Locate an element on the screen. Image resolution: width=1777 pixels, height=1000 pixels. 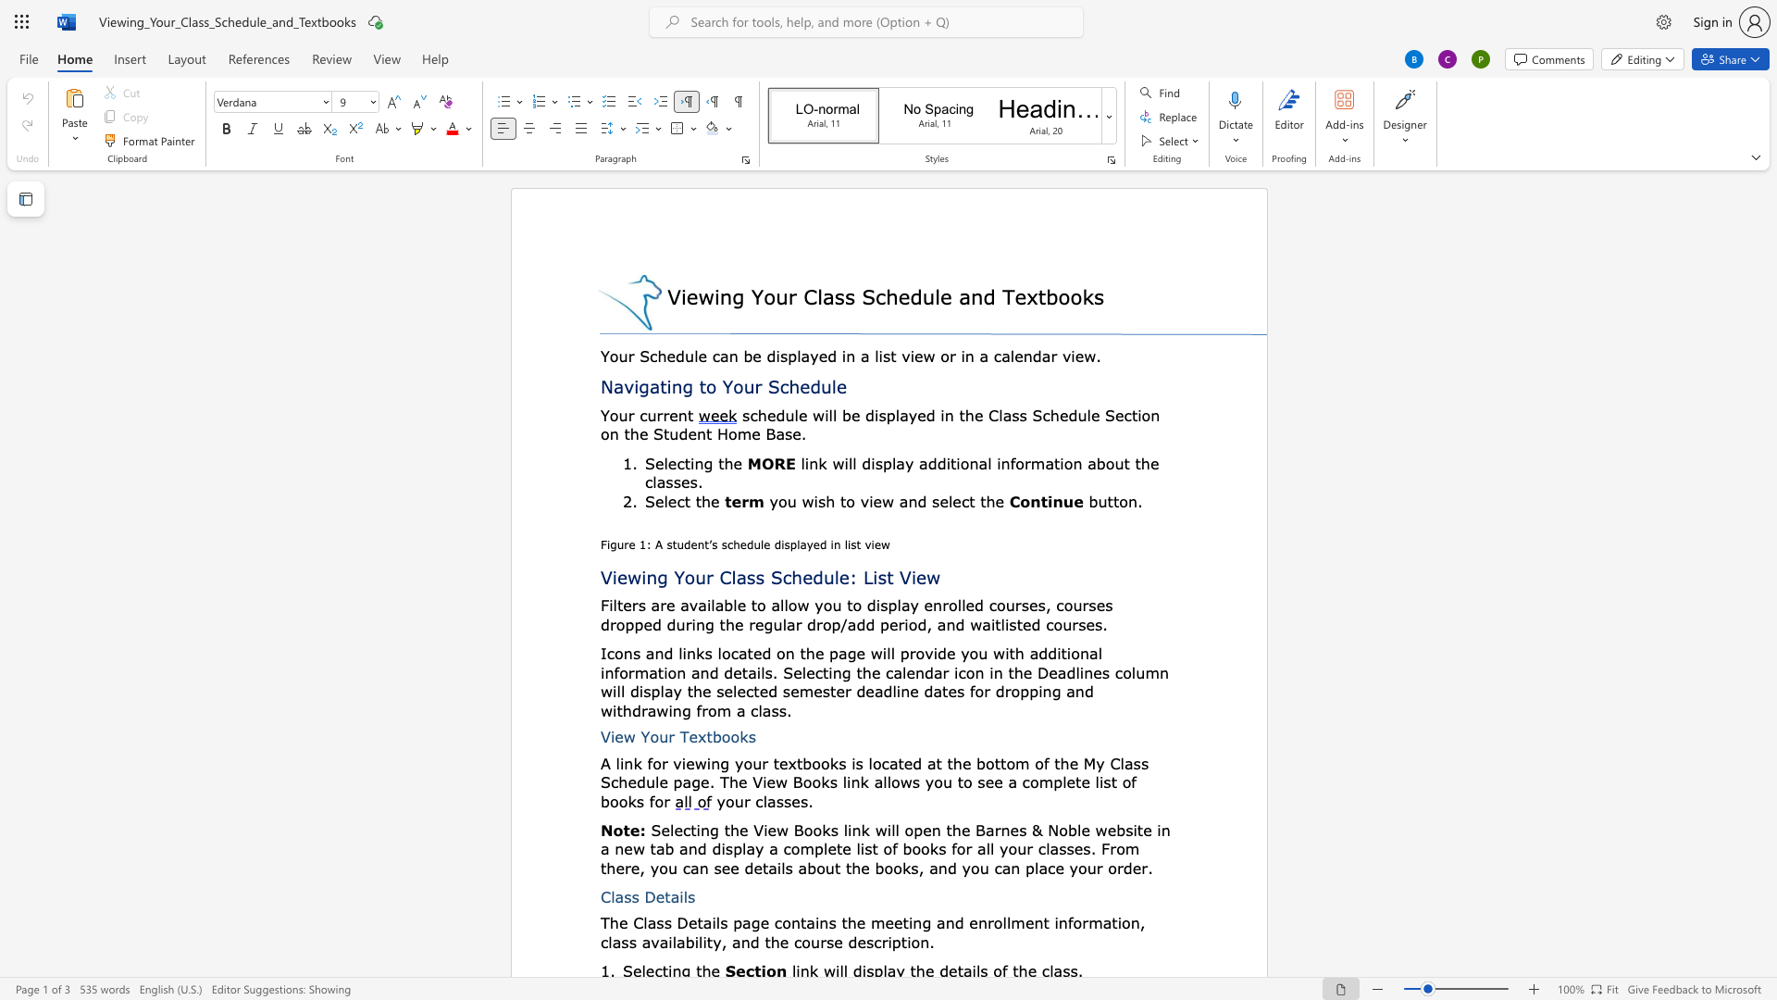
the 7th character "s" in the text is located at coordinates (961, 691).